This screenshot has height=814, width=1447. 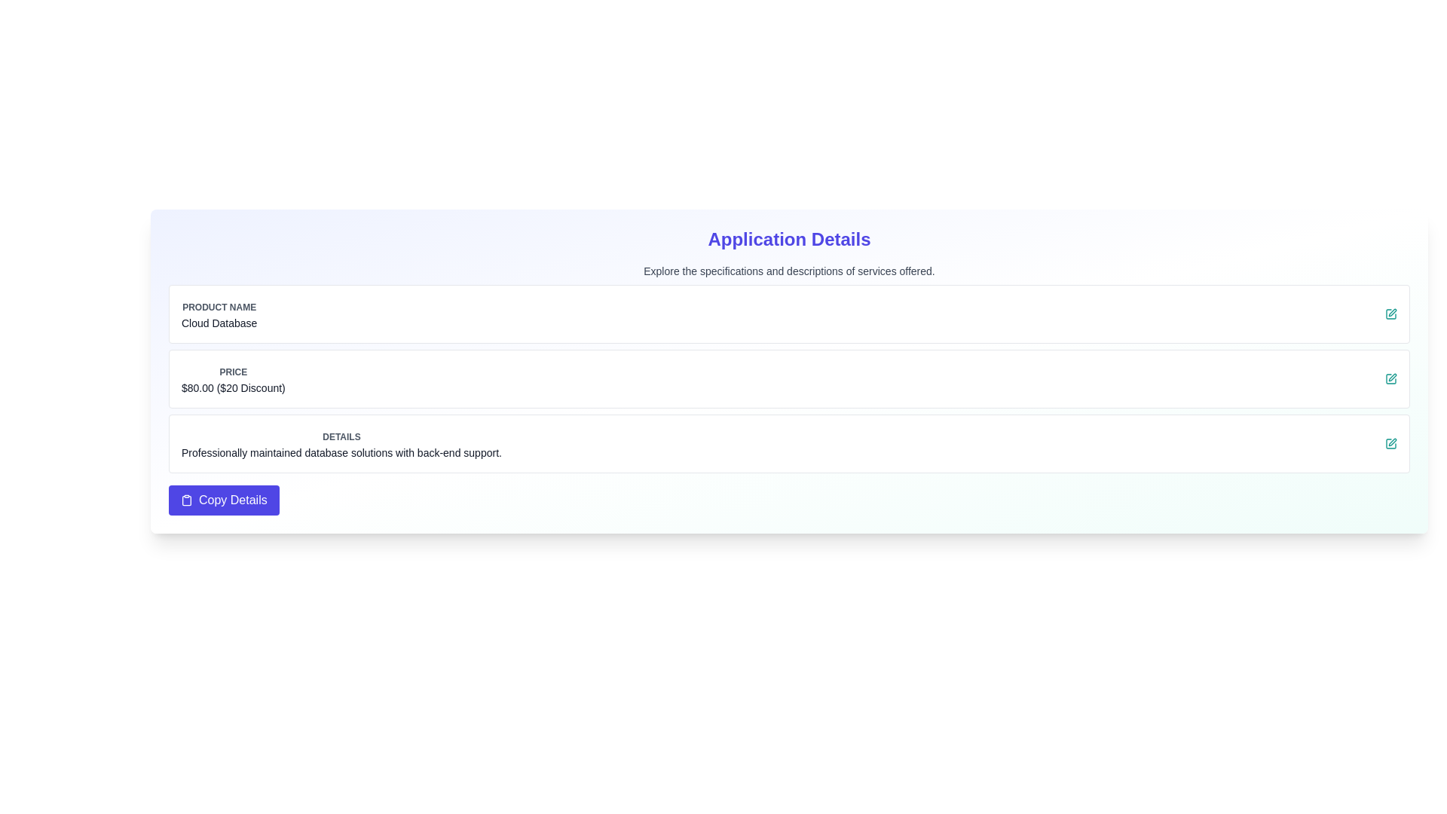 What do you see at coordinates (232, 387) in the screenshot?
I see `informational Text label displaying the price and discount of a product/service located below the 'PRICE' label using development tools` at bounding box center [232, 387].